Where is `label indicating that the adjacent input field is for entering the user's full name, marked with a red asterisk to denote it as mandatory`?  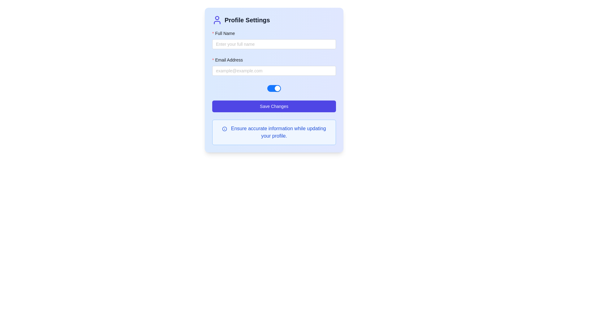 label indicating that the adjacent input field is for entering the user's full name, marked with a red asterisk to denote it as mandatory is located at coordinates (274, 34).